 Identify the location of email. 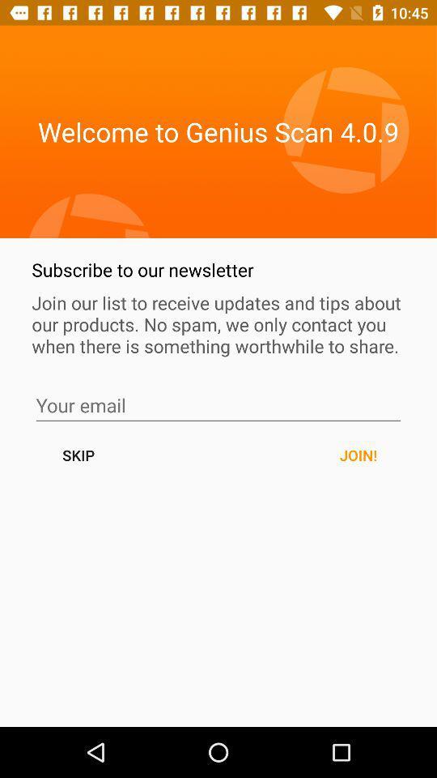
(218, 404).